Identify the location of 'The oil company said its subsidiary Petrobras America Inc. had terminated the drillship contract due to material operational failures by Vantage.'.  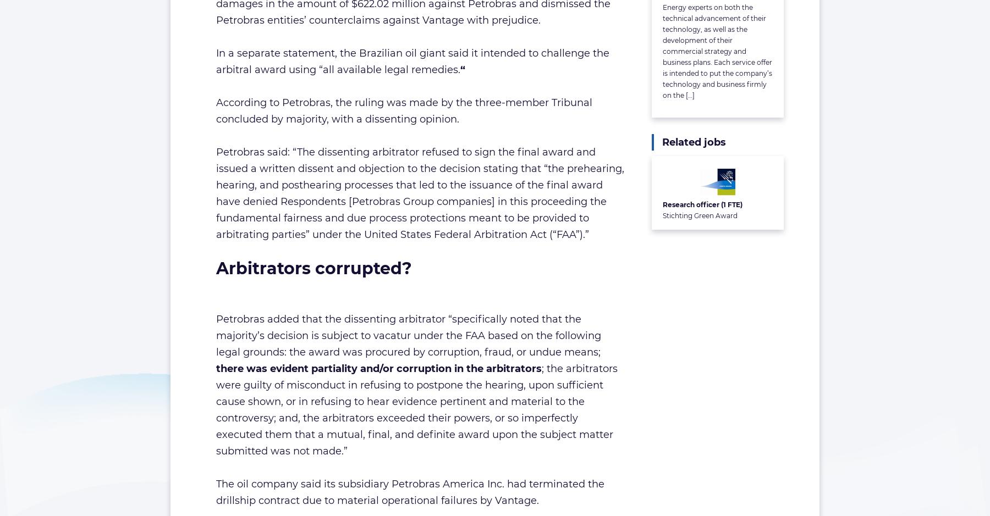
(216, 491).